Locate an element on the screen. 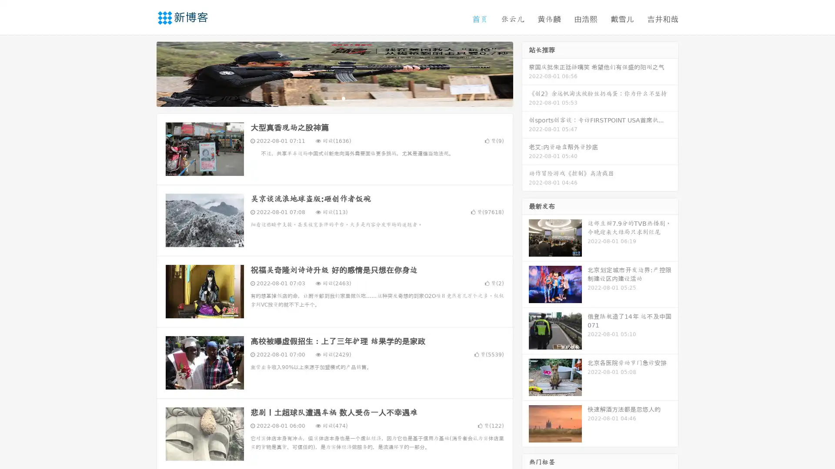 The width and height of the screenshot is (835, 469). Go to slide 2 is located at coordinates (334, 98).